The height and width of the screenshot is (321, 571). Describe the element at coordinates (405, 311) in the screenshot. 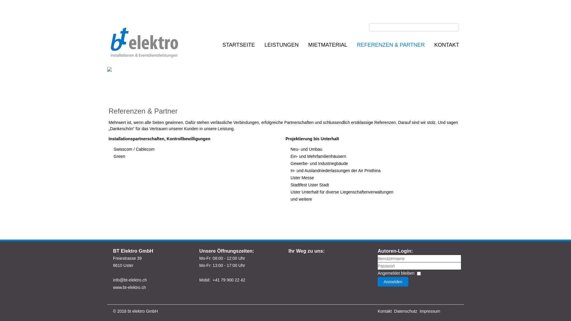

I see `'Datenschutz'` at that location.